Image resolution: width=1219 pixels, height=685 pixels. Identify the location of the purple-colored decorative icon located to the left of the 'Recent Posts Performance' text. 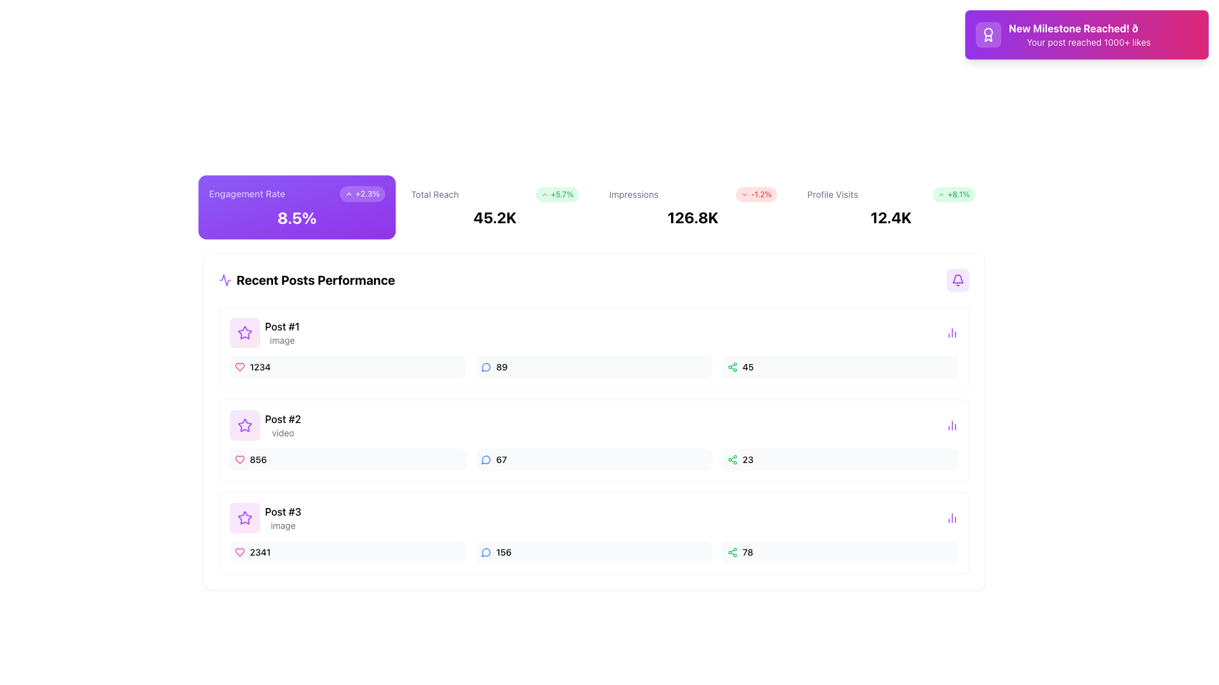
(225, 280).